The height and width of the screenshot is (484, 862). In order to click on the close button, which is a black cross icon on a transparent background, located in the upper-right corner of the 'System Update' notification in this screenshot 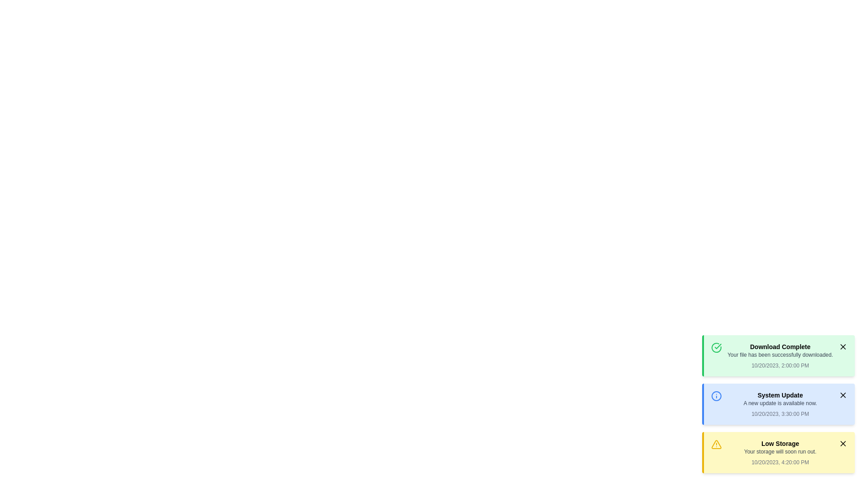, I will do `click(842, 395)`.